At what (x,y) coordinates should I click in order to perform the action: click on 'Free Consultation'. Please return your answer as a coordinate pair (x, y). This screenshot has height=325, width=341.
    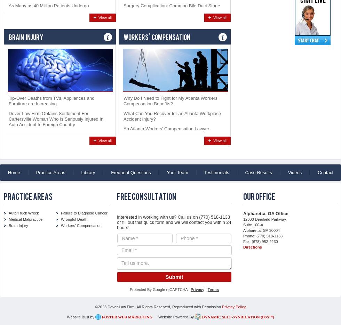
    Looking at the image, I should click on (117, 196).